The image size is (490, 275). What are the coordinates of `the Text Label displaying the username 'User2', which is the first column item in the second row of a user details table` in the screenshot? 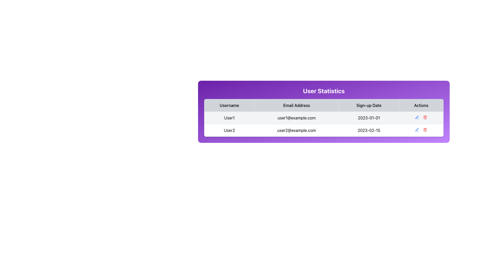 It's located at (229, 130).